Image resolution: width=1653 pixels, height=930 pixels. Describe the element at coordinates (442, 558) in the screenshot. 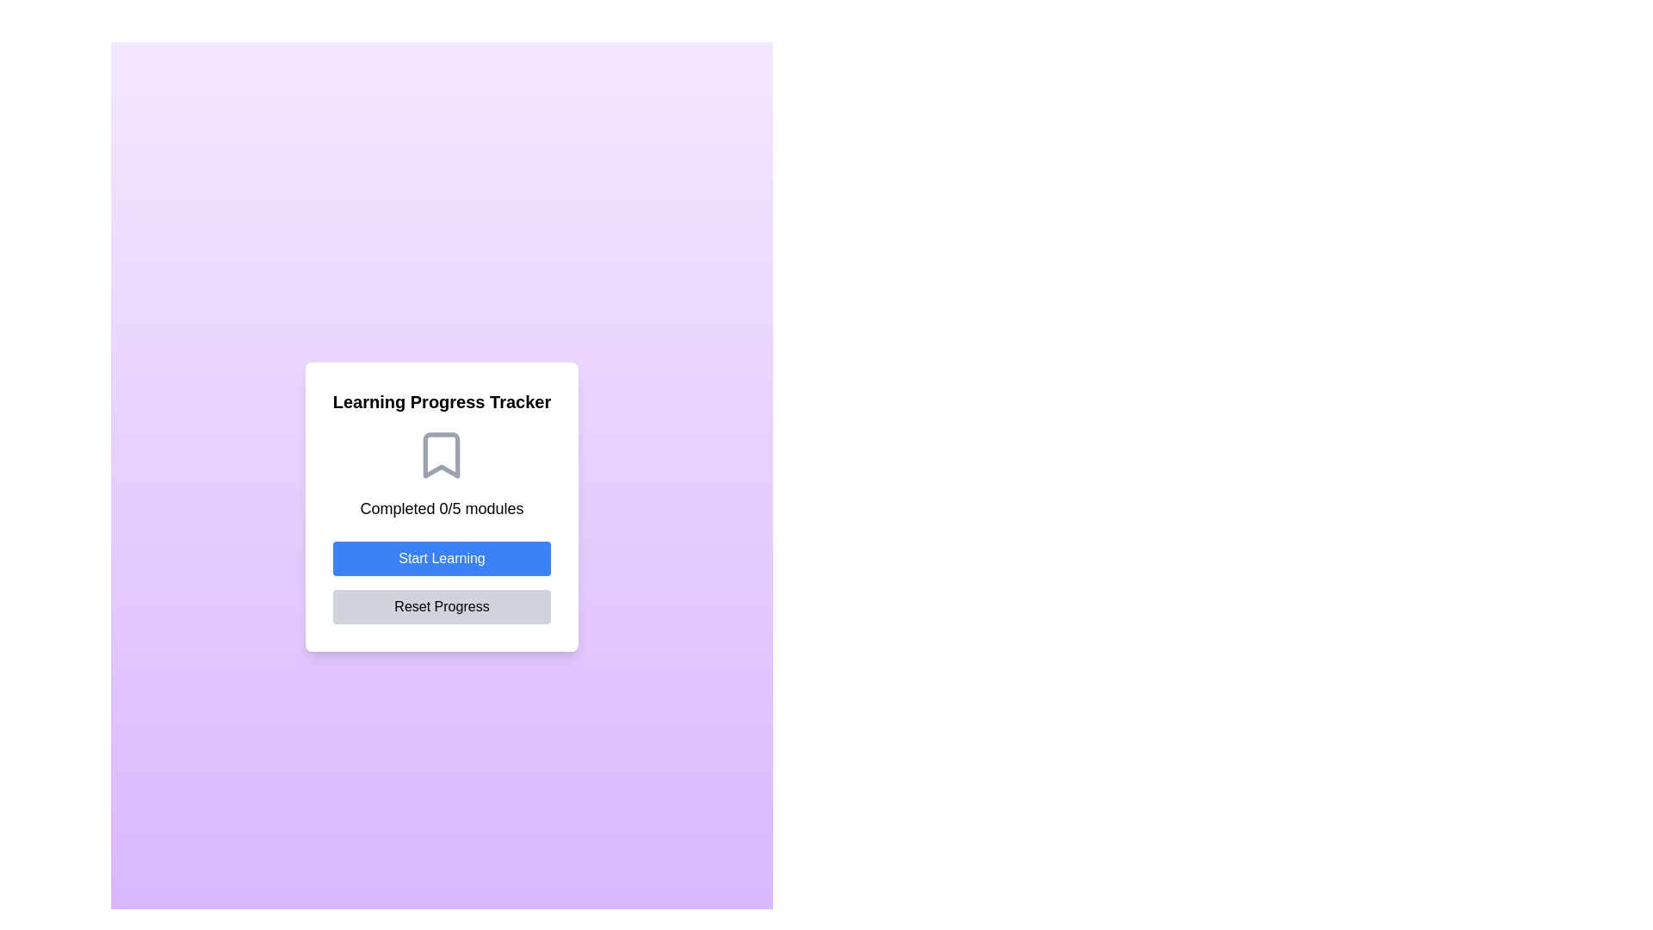

I see `the rectangular button with a blue background and white text reading 'Start Learning' to initiate learning` at that location.